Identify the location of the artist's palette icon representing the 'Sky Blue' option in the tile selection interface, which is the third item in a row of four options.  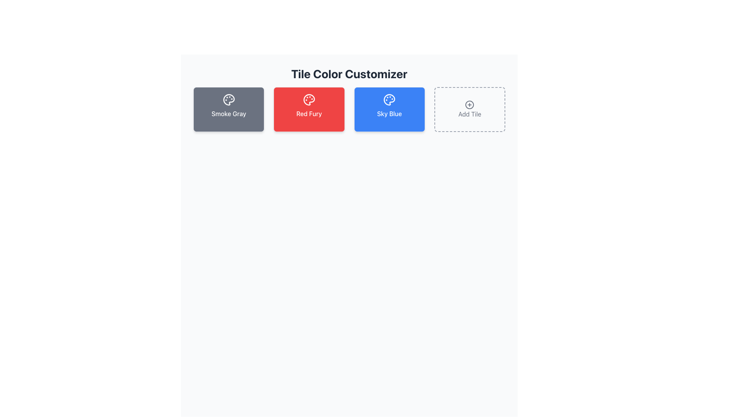
(389, 99).